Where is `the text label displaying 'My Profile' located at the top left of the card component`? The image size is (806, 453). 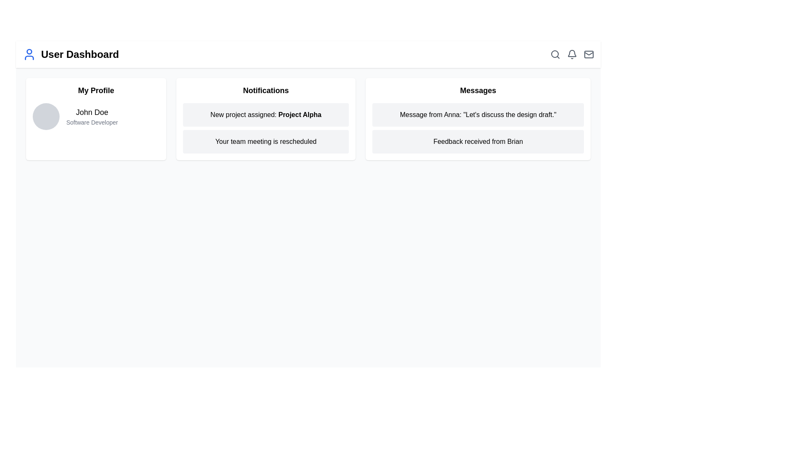
the text label displaying 'My Profile' located at the top left of the card component is located at coordinates (96, 91).